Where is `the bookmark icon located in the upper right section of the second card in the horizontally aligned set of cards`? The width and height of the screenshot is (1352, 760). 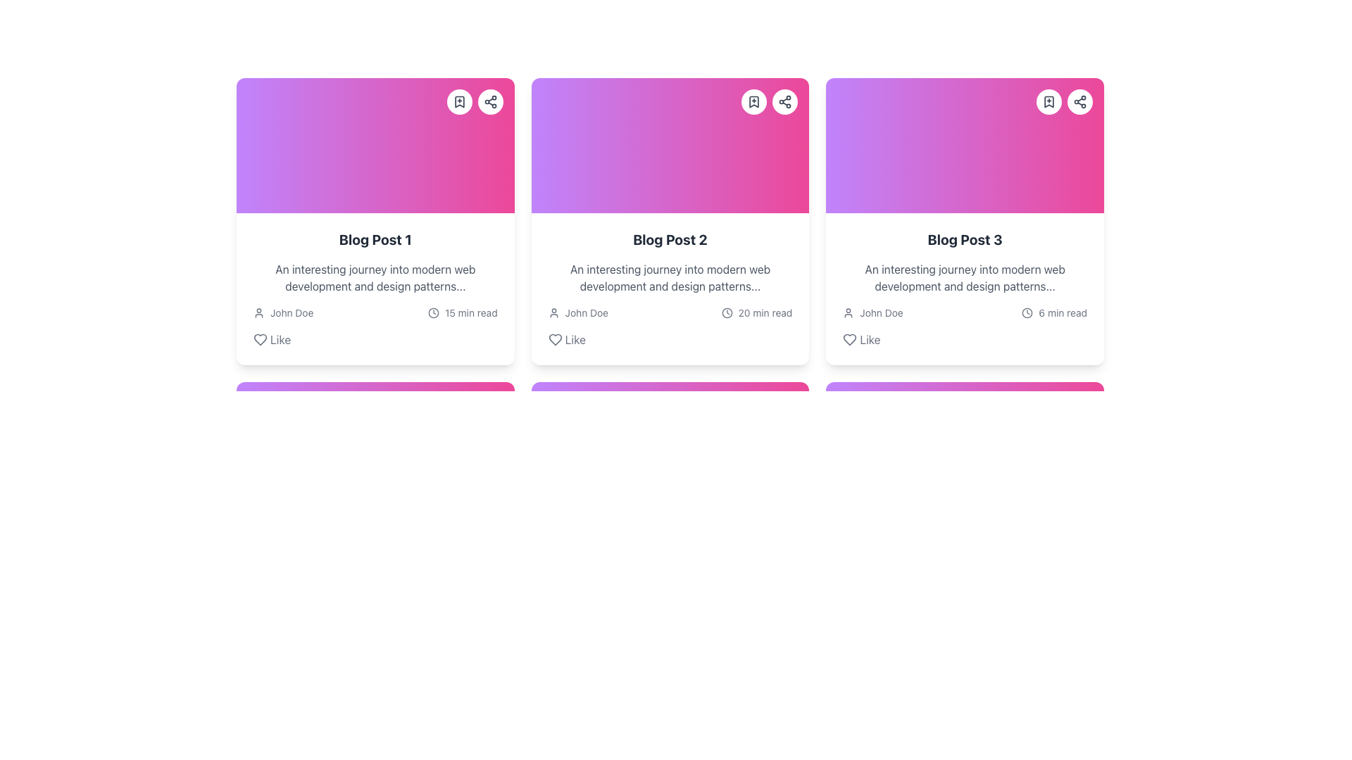 the bookmark icon located in the upper right section of the second card in the horizontally aligned set of cards is located at coordinates (753, 101).